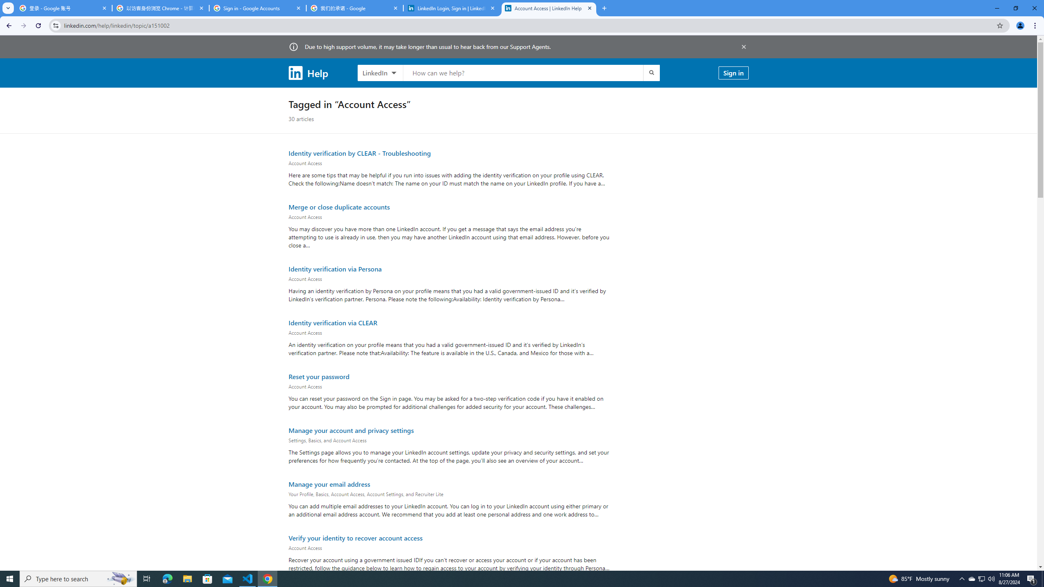 The width and height of the screenshot is (1044, 587). What do you see at coordinates (332, 322) in the screenshot?
I see `'Identity verification via CLEAR'` at bounding box center [332, 322].